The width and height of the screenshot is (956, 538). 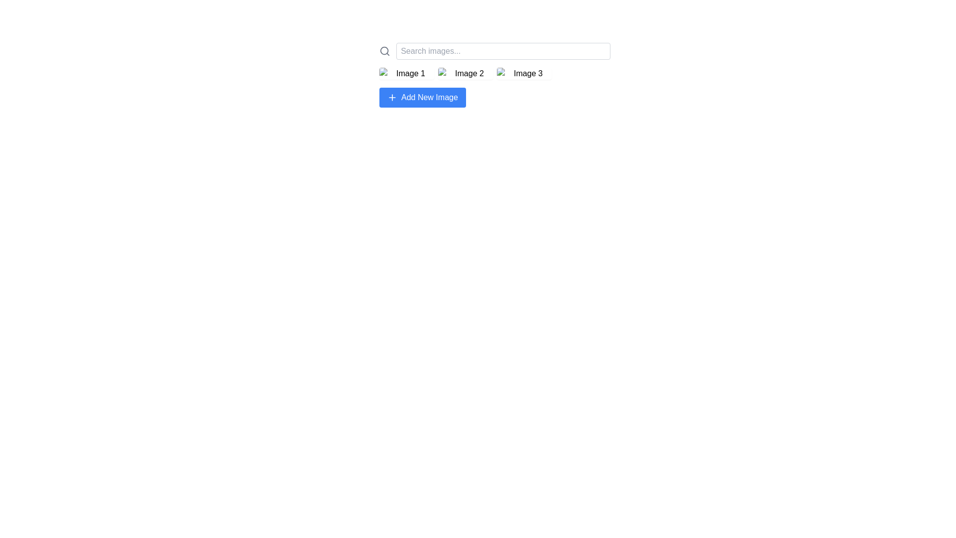 What do you see at coordinates (494, 73) in the screenshot?
I see `the Grid Layout displaying selectable items 'Image 1', 'Image 2', and 'Image 3'` at bounding box center [494, 73].